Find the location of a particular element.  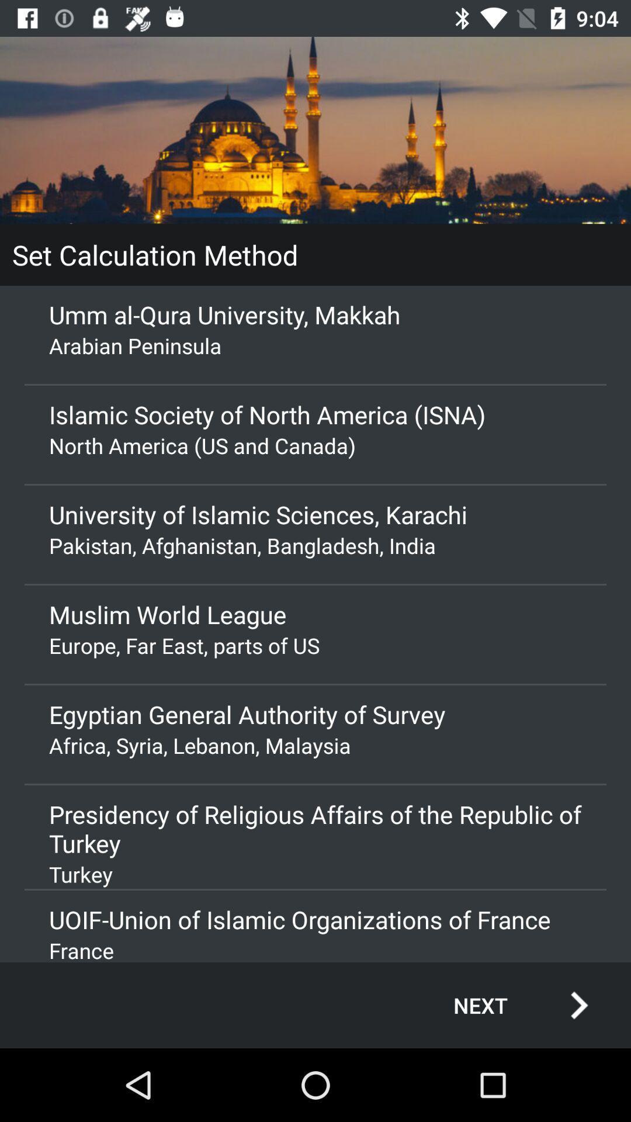

the europe far east item is located at coordinates (315, 645).